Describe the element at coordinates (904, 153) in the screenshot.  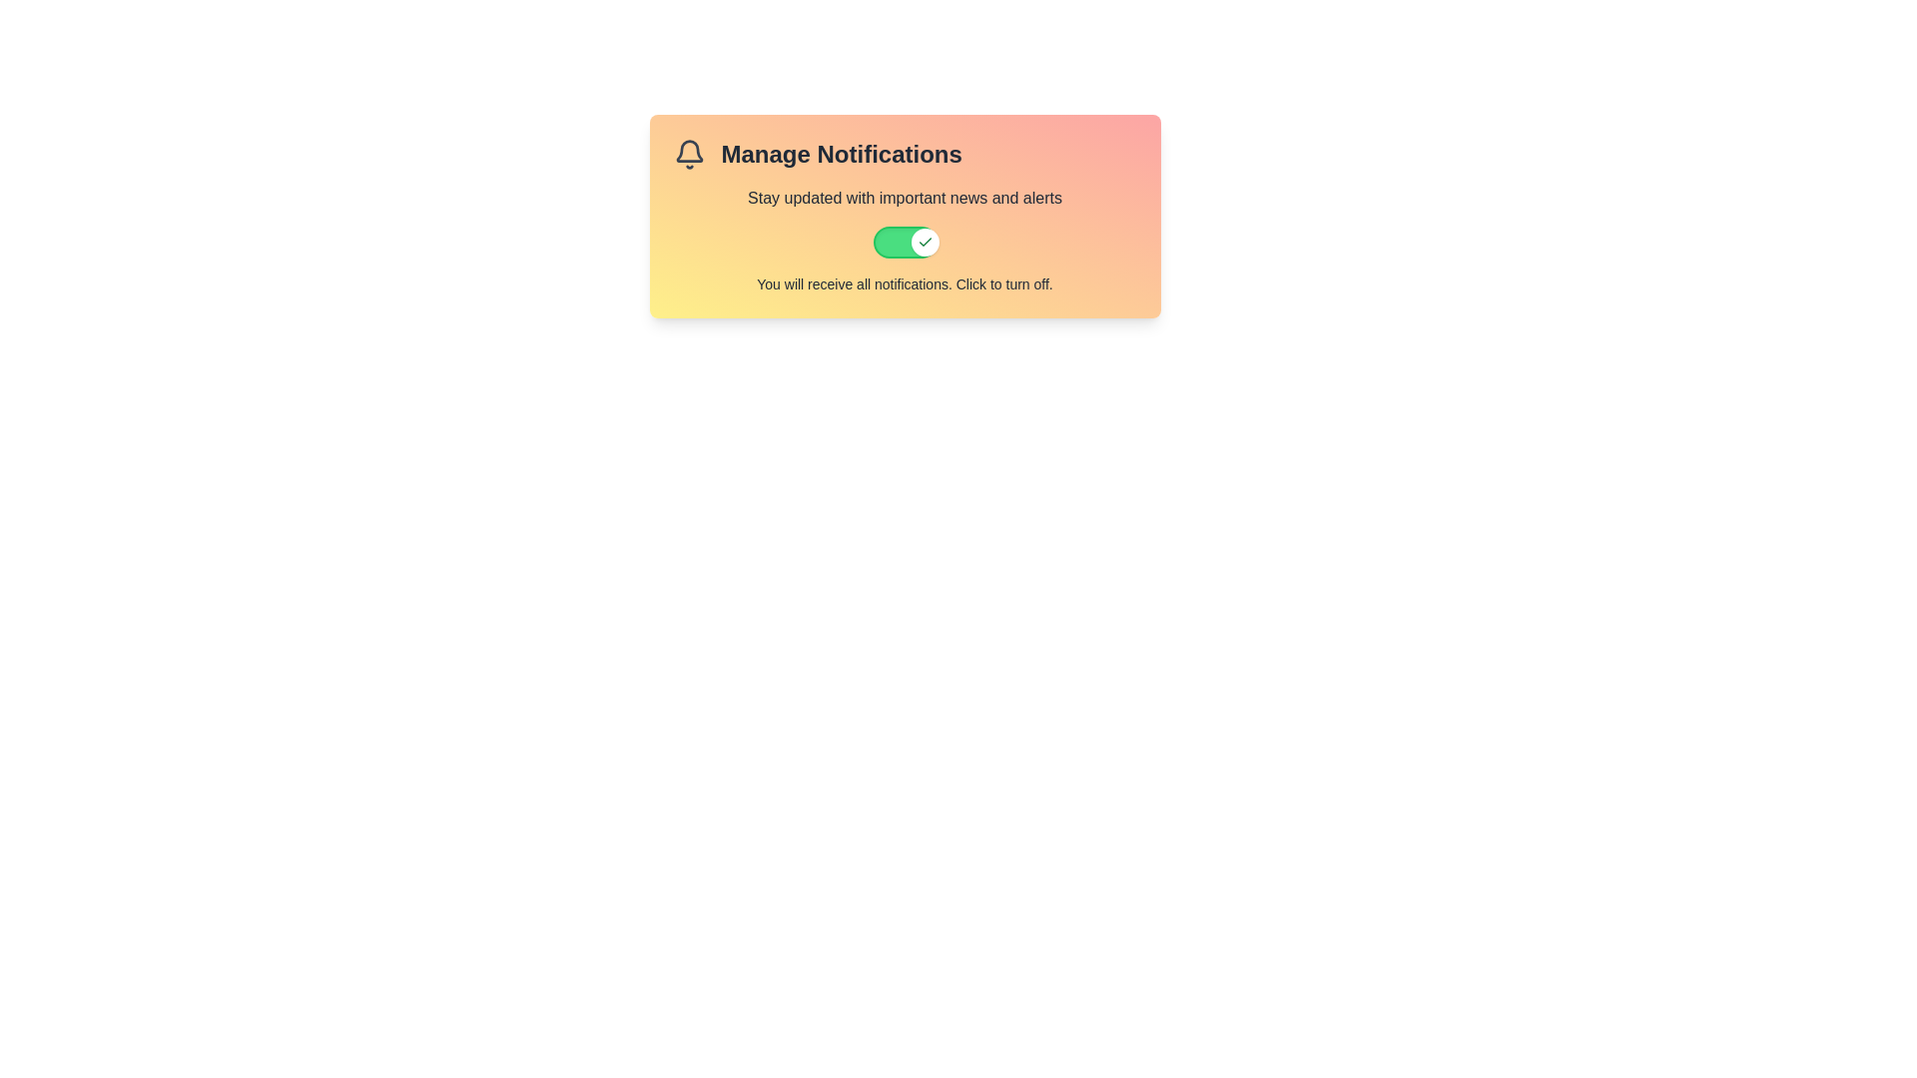
I see `text 'Manage Notifications' which is prominently styled in bold dark gray and located next to a bell icon at the top-left side of the notification settings card` at that location.